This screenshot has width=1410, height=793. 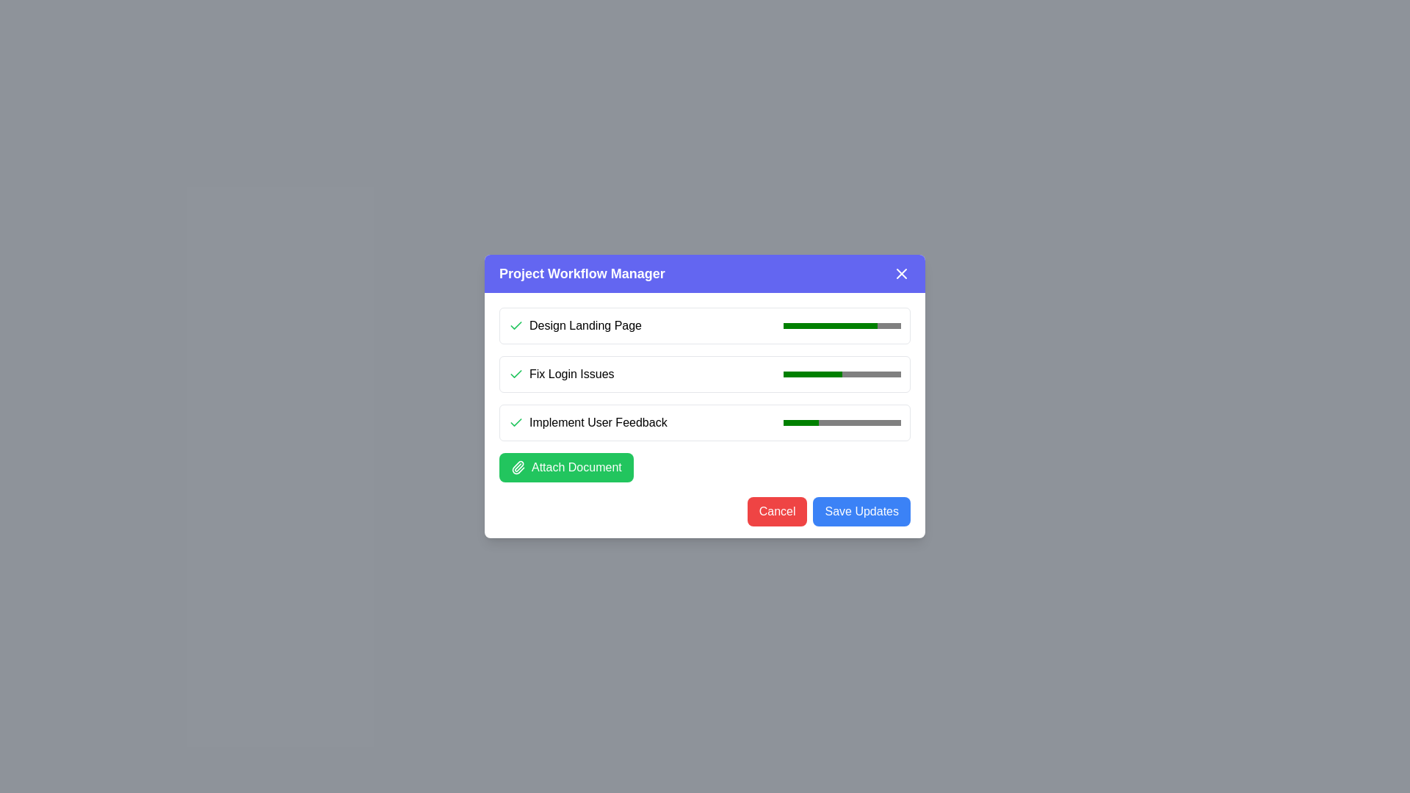 I want to click on the static text element that serves as the title of the modal window for managing project workflow, located in the top-left portion of a purple bar at the top of the modal, so click(x=581, y=274).